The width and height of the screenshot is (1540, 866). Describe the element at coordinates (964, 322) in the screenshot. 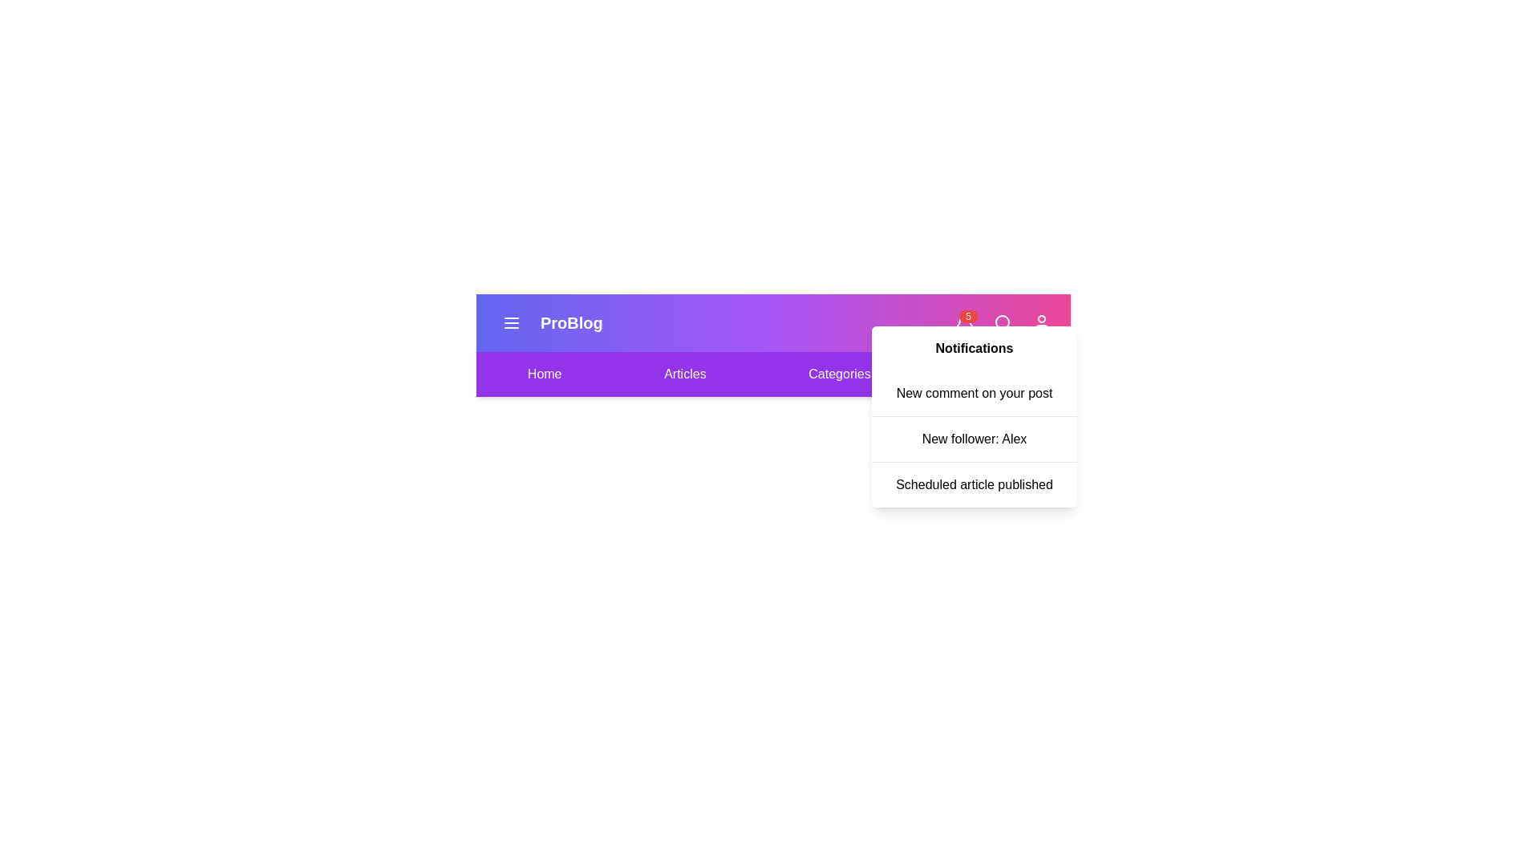

I see `the notifications button to toggle the notifications panel` at that location.